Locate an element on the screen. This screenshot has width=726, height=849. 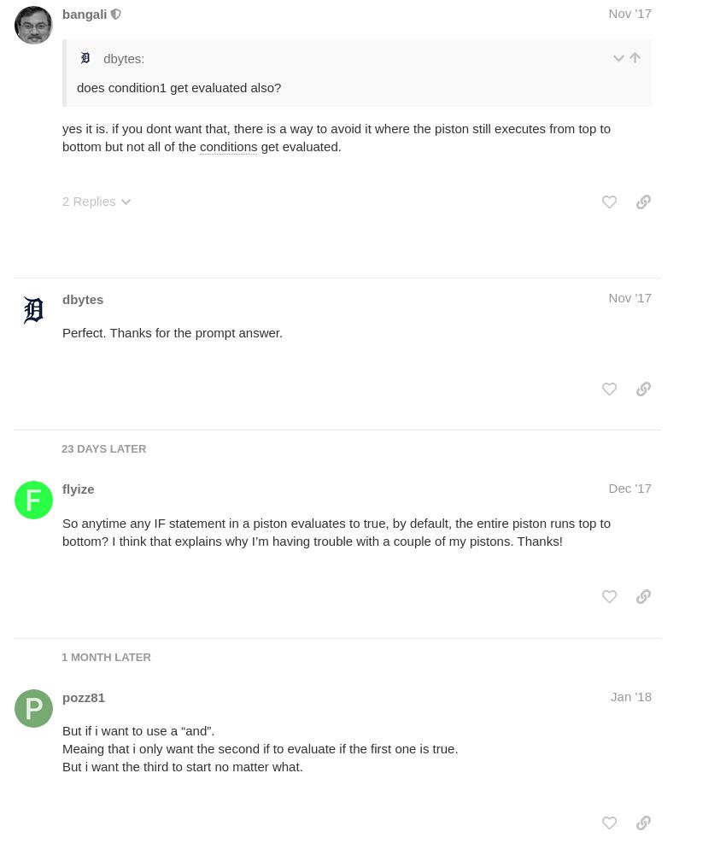
'23 days later' is located at coordinates (102, 448).